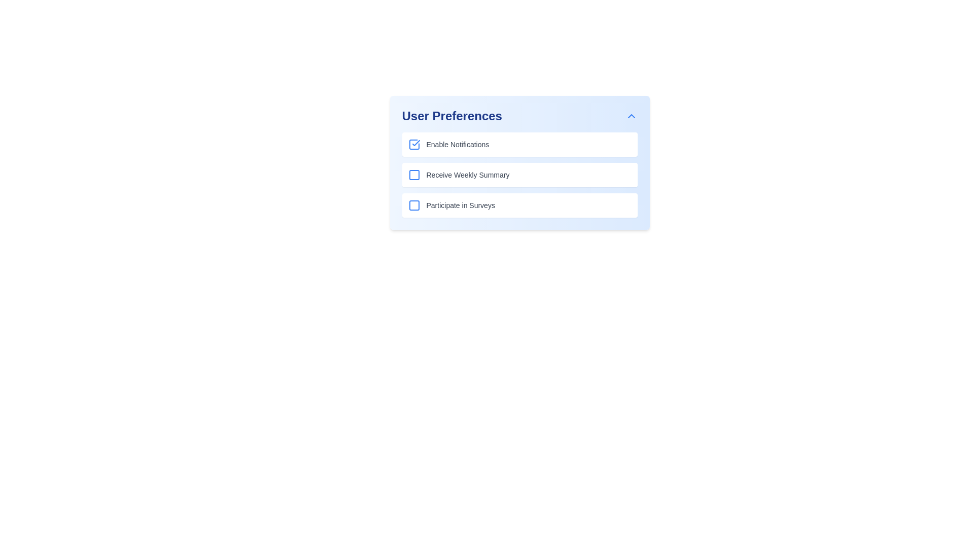  Describe the element at coordinates (457, 145) in the screenshot. I see `the text label reading 'Enable Notifications', which is situated next to a checkbox in the 'User Preferences' section` at that location.